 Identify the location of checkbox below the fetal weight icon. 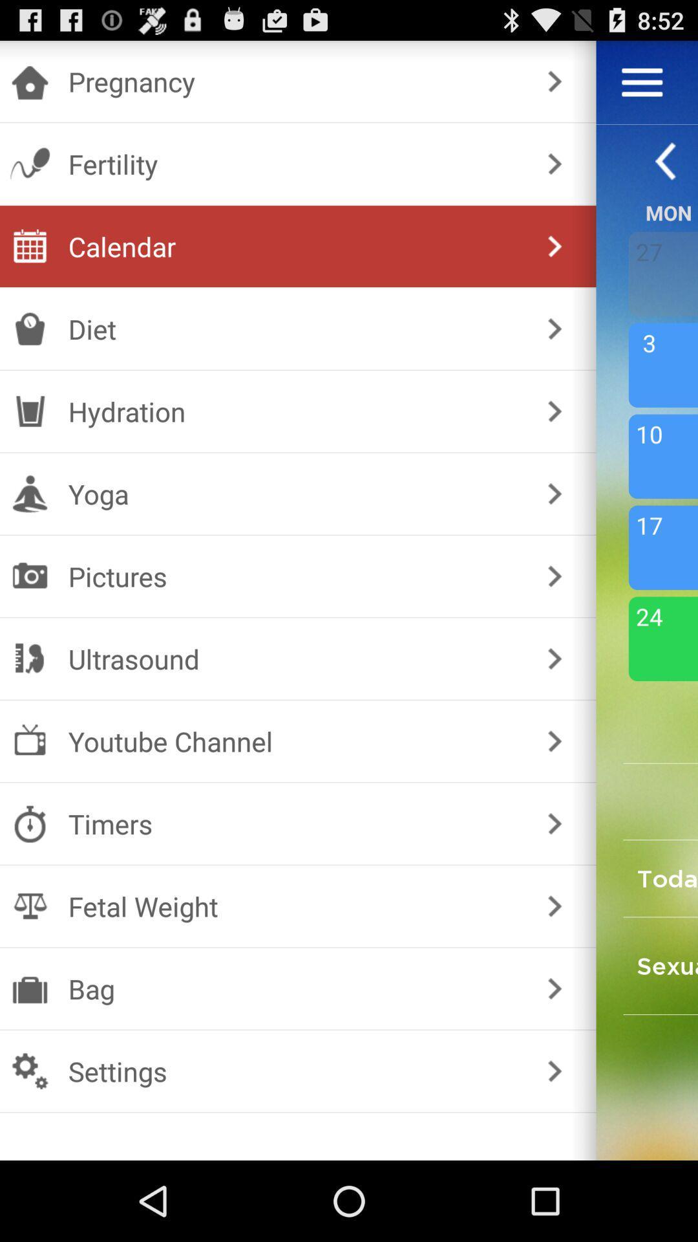
(295, 988).